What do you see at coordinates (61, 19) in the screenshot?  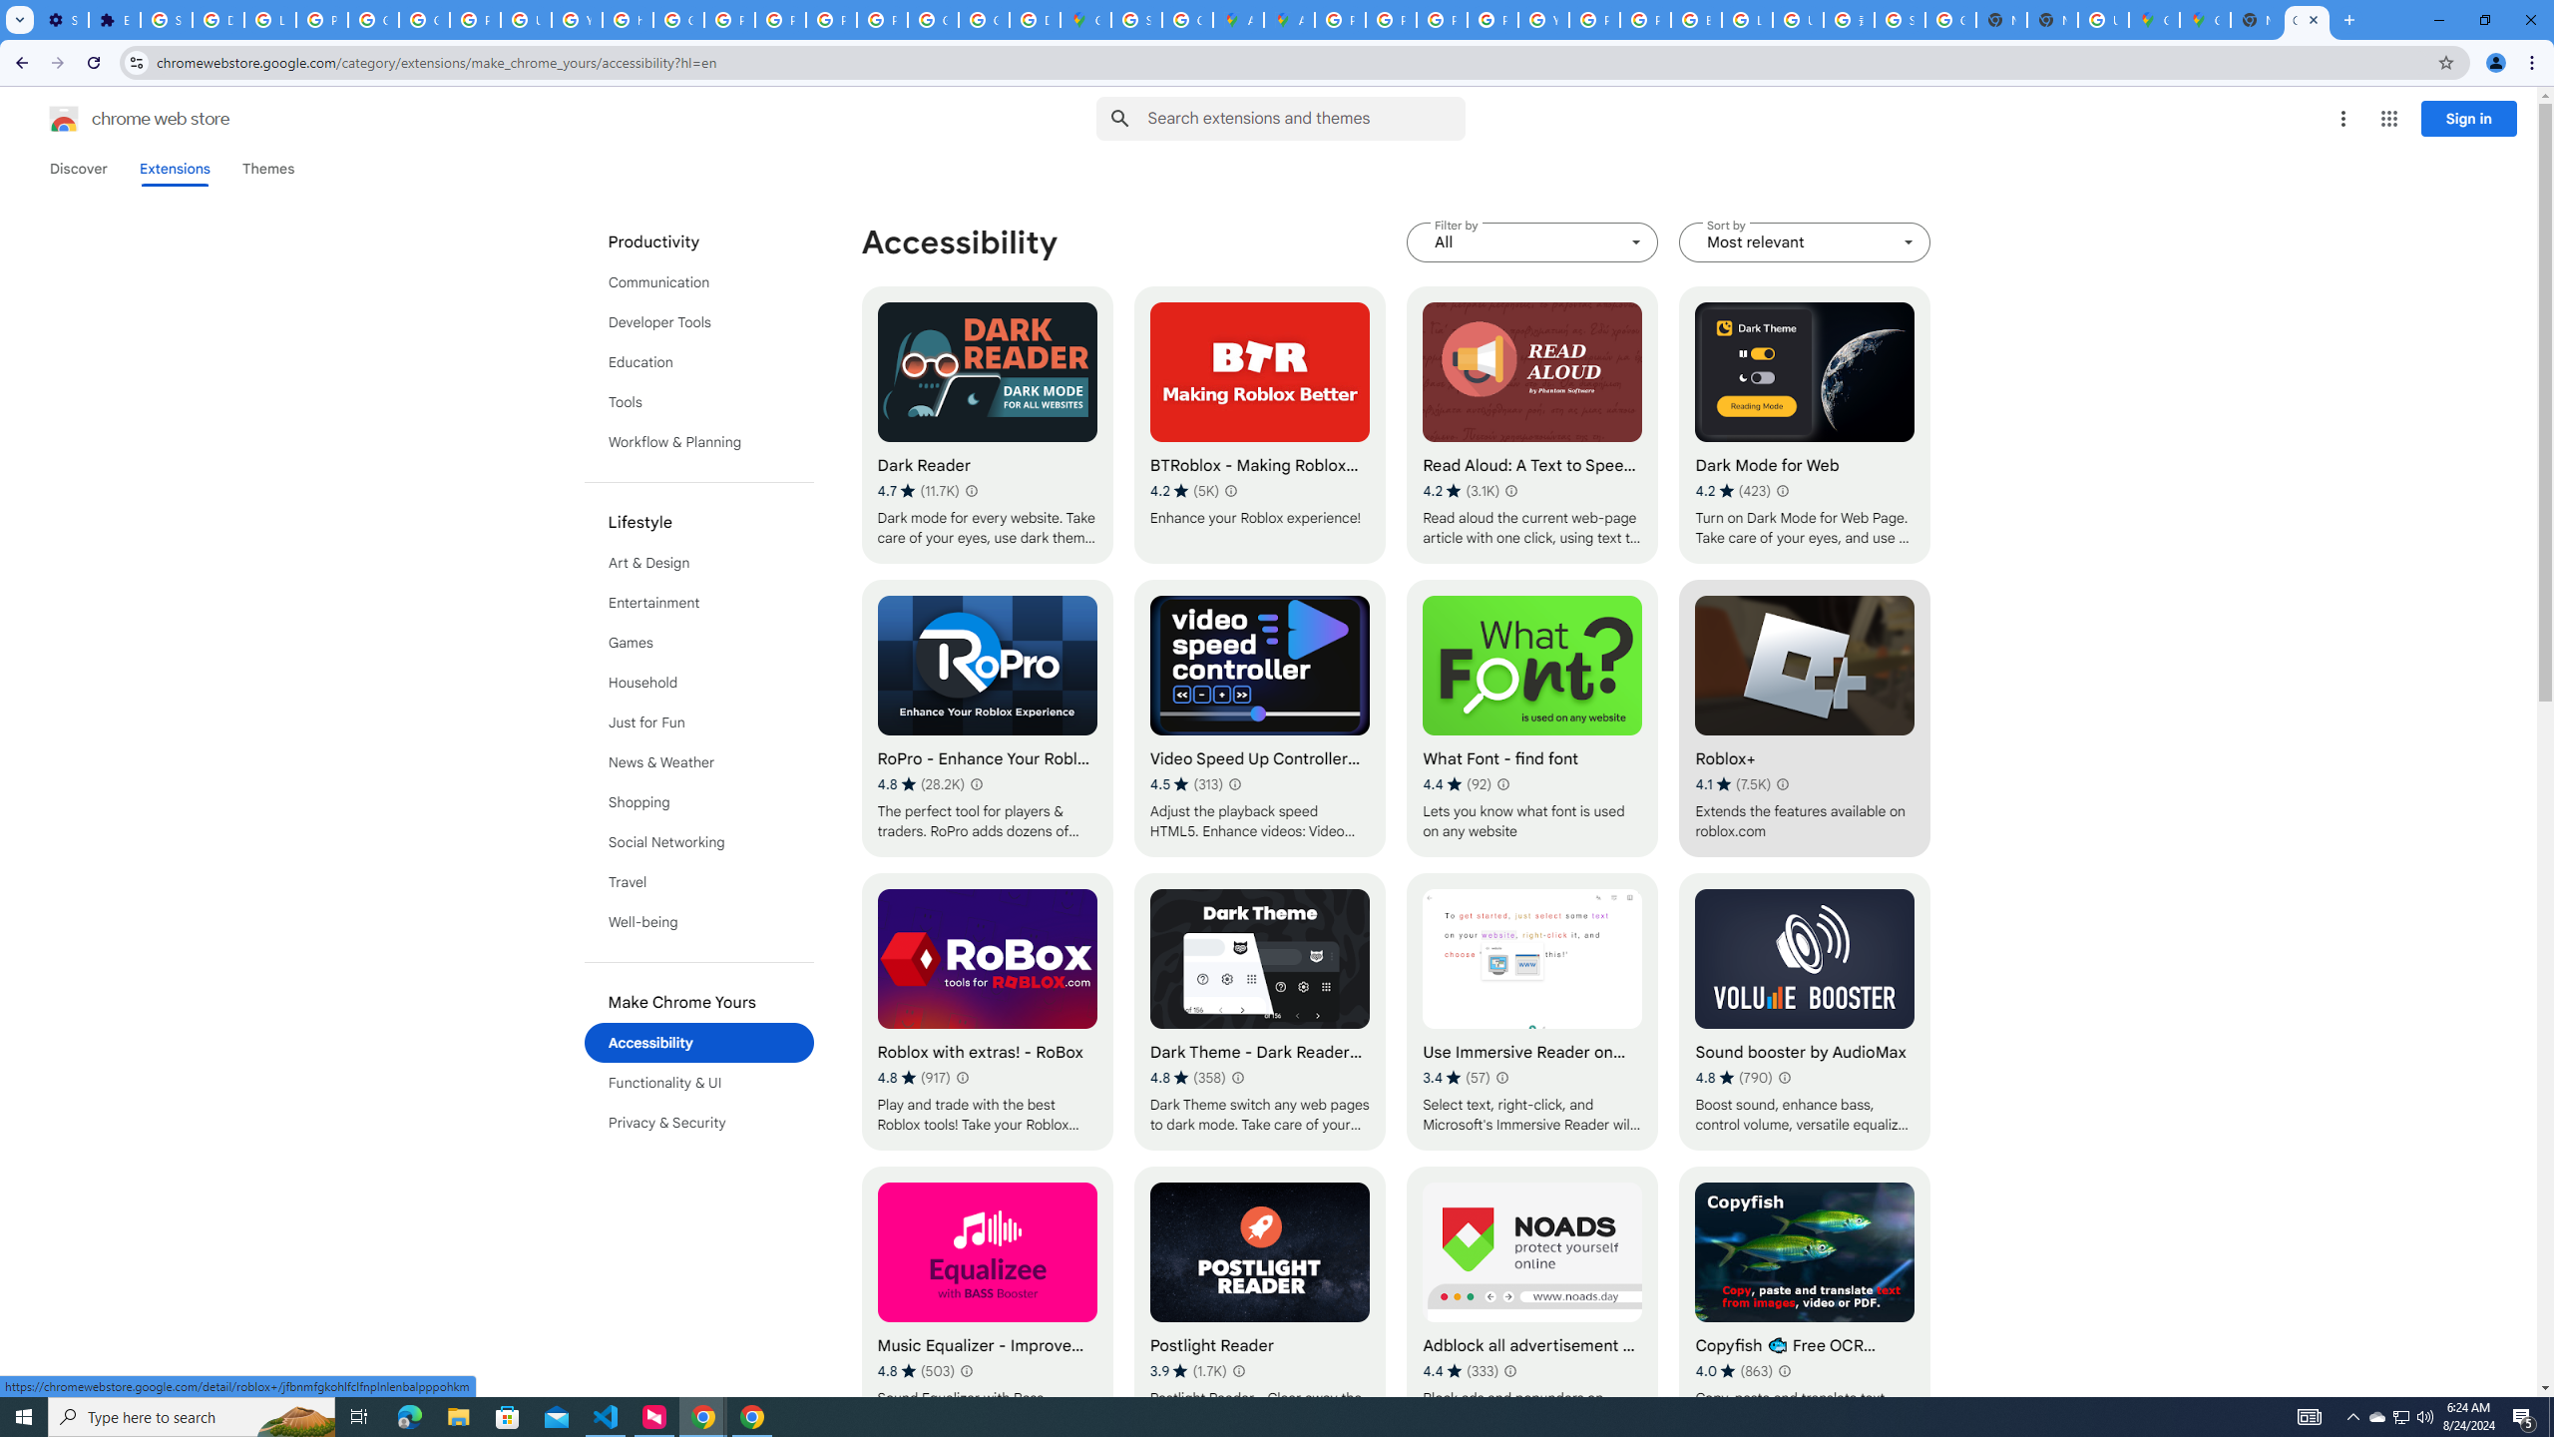 I see `'Settings - On startup'` at bounding box center [61, 19].